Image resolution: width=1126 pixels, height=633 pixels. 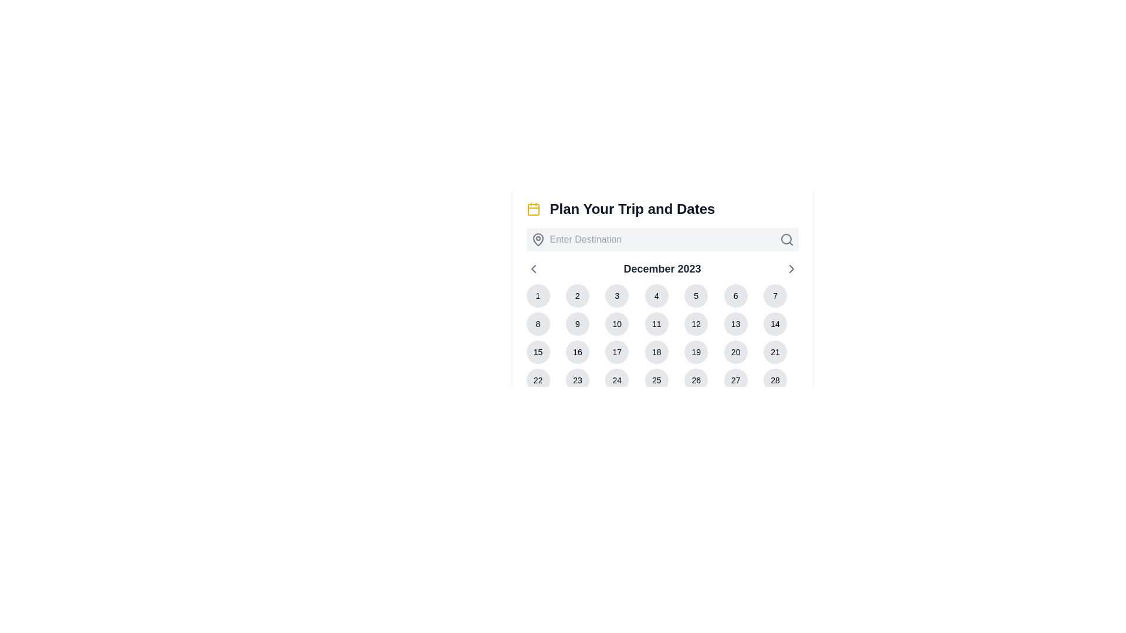 What do you see at coordinates (616, 324) in the screenshot?
I see `the circular button labeled '10' in the date selection grid of the calendar UI` at bounding box center [616, 324].